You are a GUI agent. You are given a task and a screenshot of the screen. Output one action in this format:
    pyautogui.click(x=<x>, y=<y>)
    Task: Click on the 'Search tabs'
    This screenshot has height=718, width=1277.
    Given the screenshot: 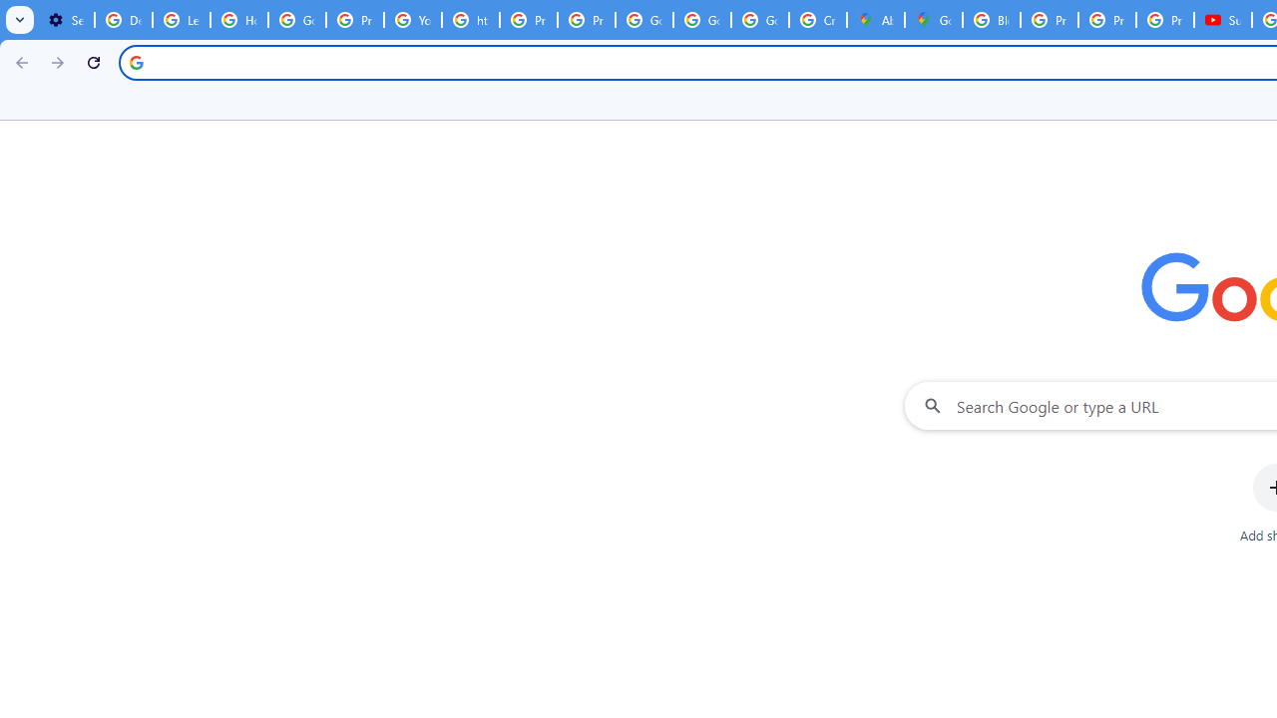 What is the action you would take?
    pyautogui.click(x=20, y=20)
    